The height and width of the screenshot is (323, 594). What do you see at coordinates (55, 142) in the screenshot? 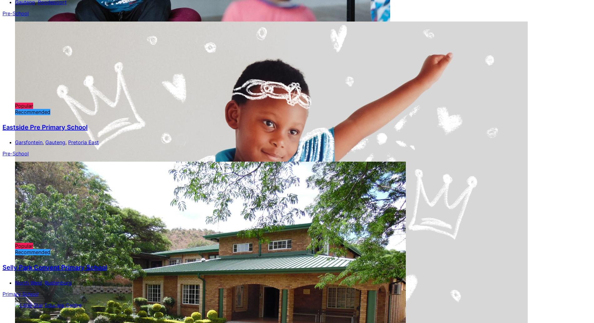
I see `'Gauteng'` at bounding box center [55, 142].